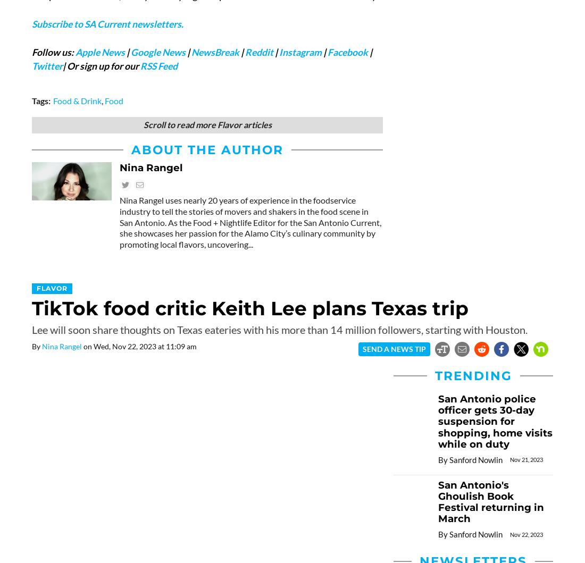  What do you see at coordinates (53, 52) in the screenshot?
I see `'Follow us:'` at bounding box center [53, 52].